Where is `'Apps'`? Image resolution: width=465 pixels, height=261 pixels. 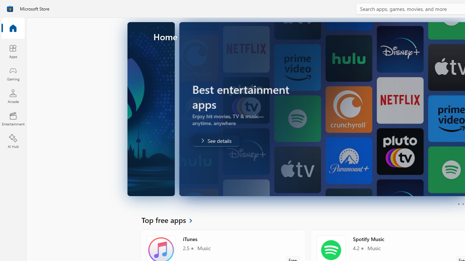
'Apps' is located at coordinates (13, 51).